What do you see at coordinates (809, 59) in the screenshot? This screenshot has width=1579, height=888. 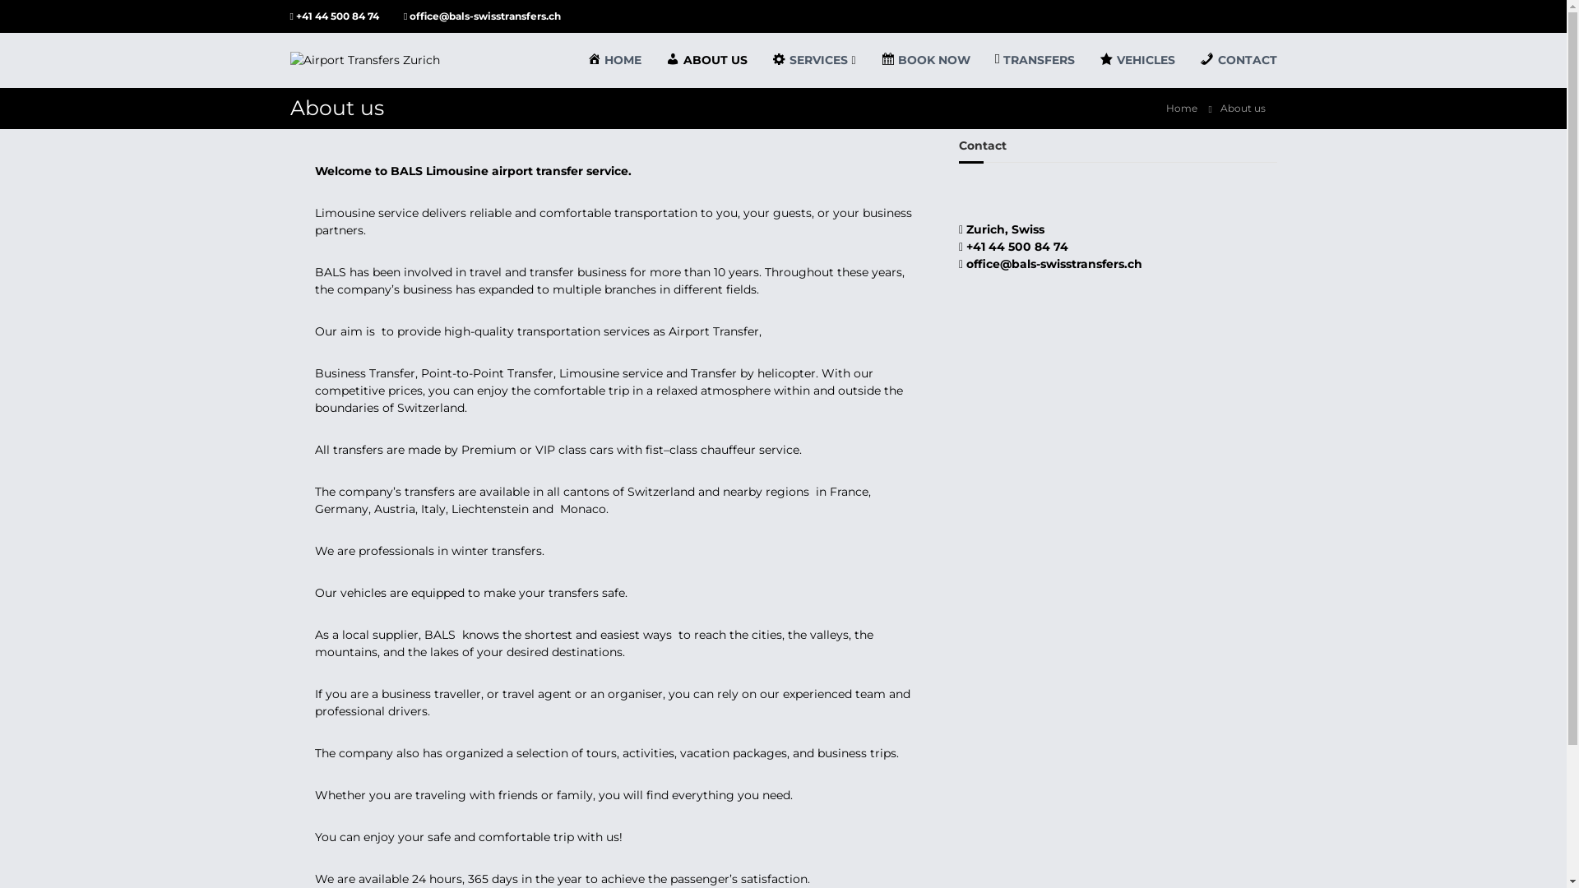 I see `'SERVICES'` at bounding box center [809, 59].